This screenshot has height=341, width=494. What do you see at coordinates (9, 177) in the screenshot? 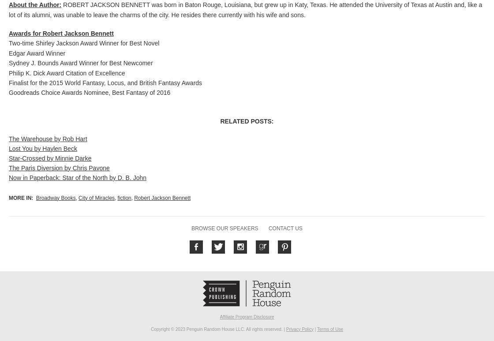
I see `'Now in Paperback: Star of the North by D. B. John'` at bounding box center [9, 177].